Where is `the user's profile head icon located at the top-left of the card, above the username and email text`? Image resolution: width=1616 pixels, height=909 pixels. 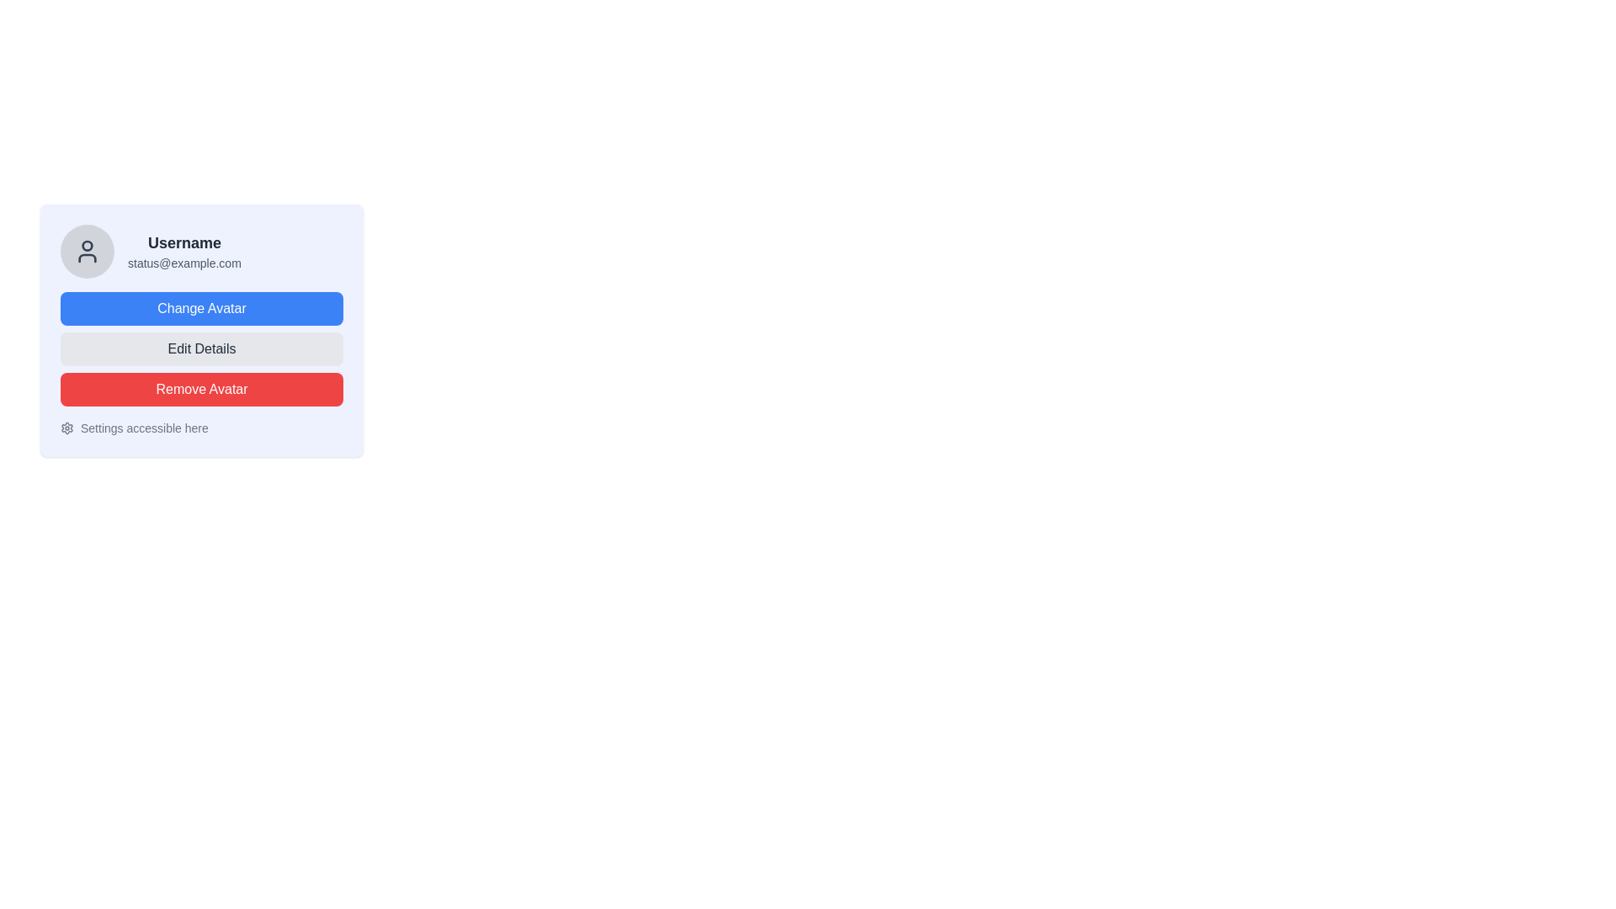 the user's profile head icon located at the top-left of the card, above the username and email text is located at coordinates (87, 246).